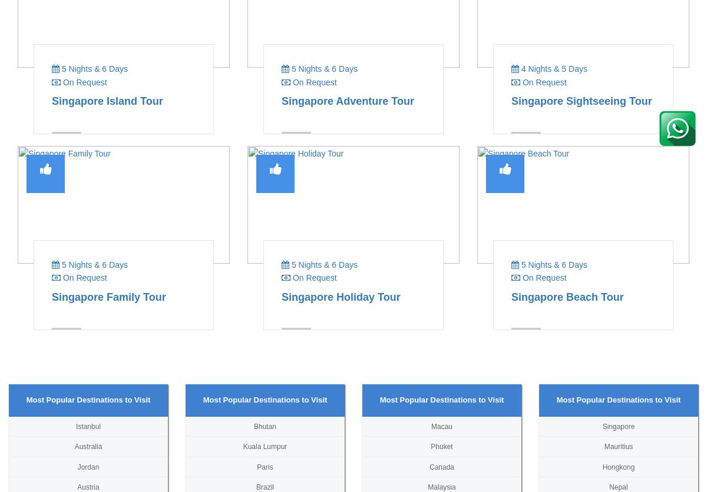  What do you see at coordinates (107, 99) in the screenshot?
I see `'Singapore Island Tour'` at bounding box center [107, 99].